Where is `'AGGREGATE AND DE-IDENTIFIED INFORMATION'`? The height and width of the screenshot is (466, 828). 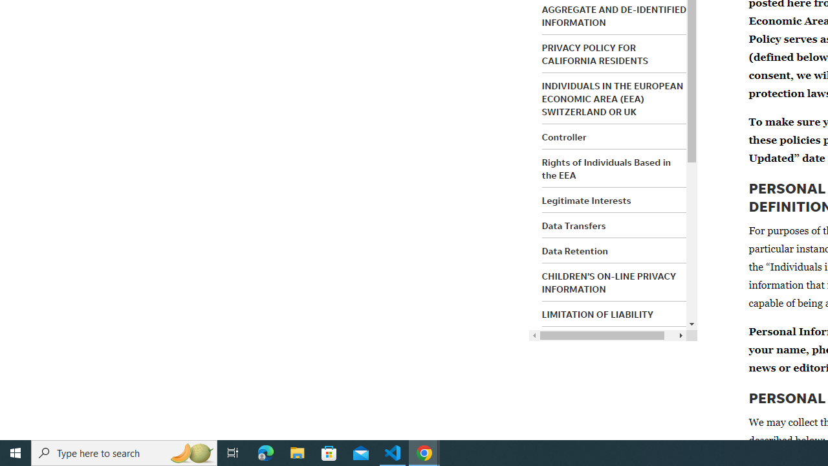
'AGGREGATE AND DE-IDENTIFIED INFORMATION' is located at coordinates (613, 16).